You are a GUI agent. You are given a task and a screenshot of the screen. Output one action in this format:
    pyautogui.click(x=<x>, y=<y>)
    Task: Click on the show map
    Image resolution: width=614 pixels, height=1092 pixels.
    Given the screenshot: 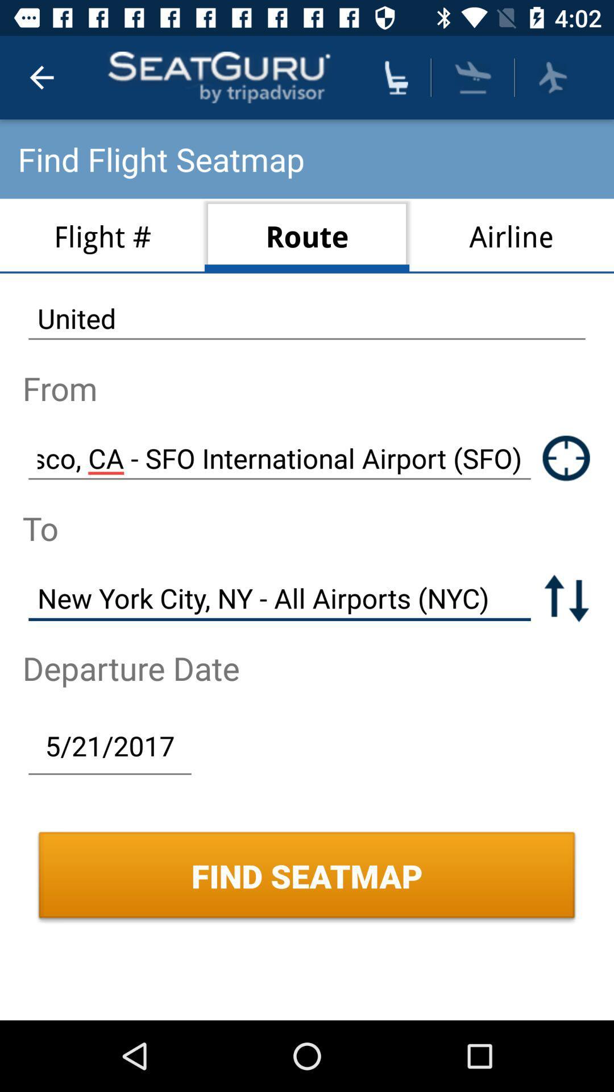 What is the action you would take?
    pyautogui.click(x=566, y=458)
    